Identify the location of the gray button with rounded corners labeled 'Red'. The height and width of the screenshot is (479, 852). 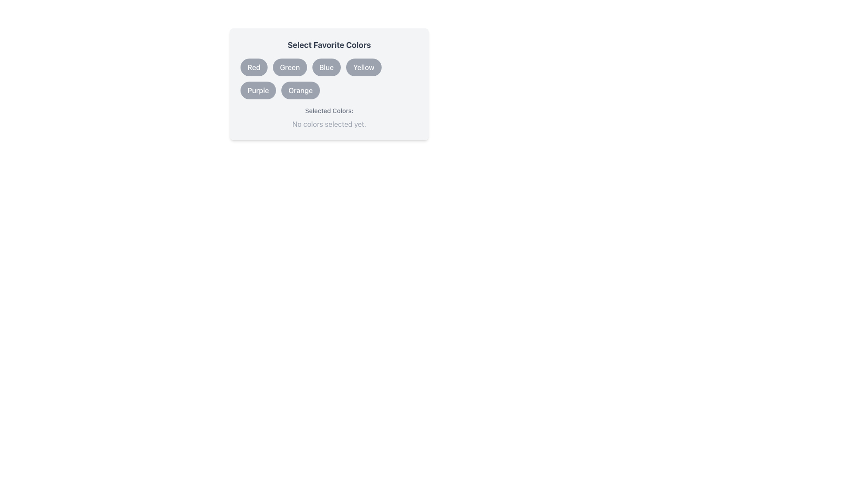
(253, 67).